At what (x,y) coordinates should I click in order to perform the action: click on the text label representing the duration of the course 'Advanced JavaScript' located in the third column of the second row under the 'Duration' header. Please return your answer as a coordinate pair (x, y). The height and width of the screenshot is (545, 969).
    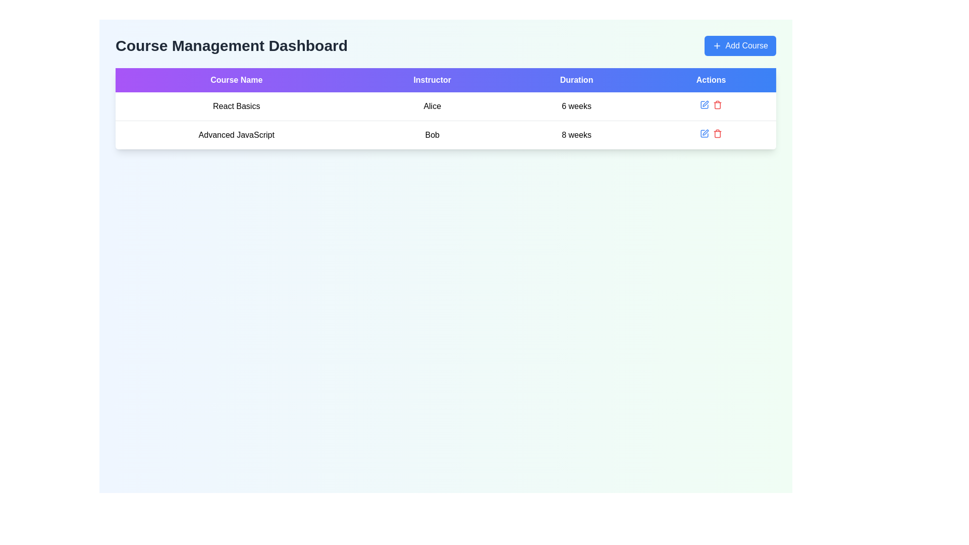
    Looking at the image, I should click on (576, 134).